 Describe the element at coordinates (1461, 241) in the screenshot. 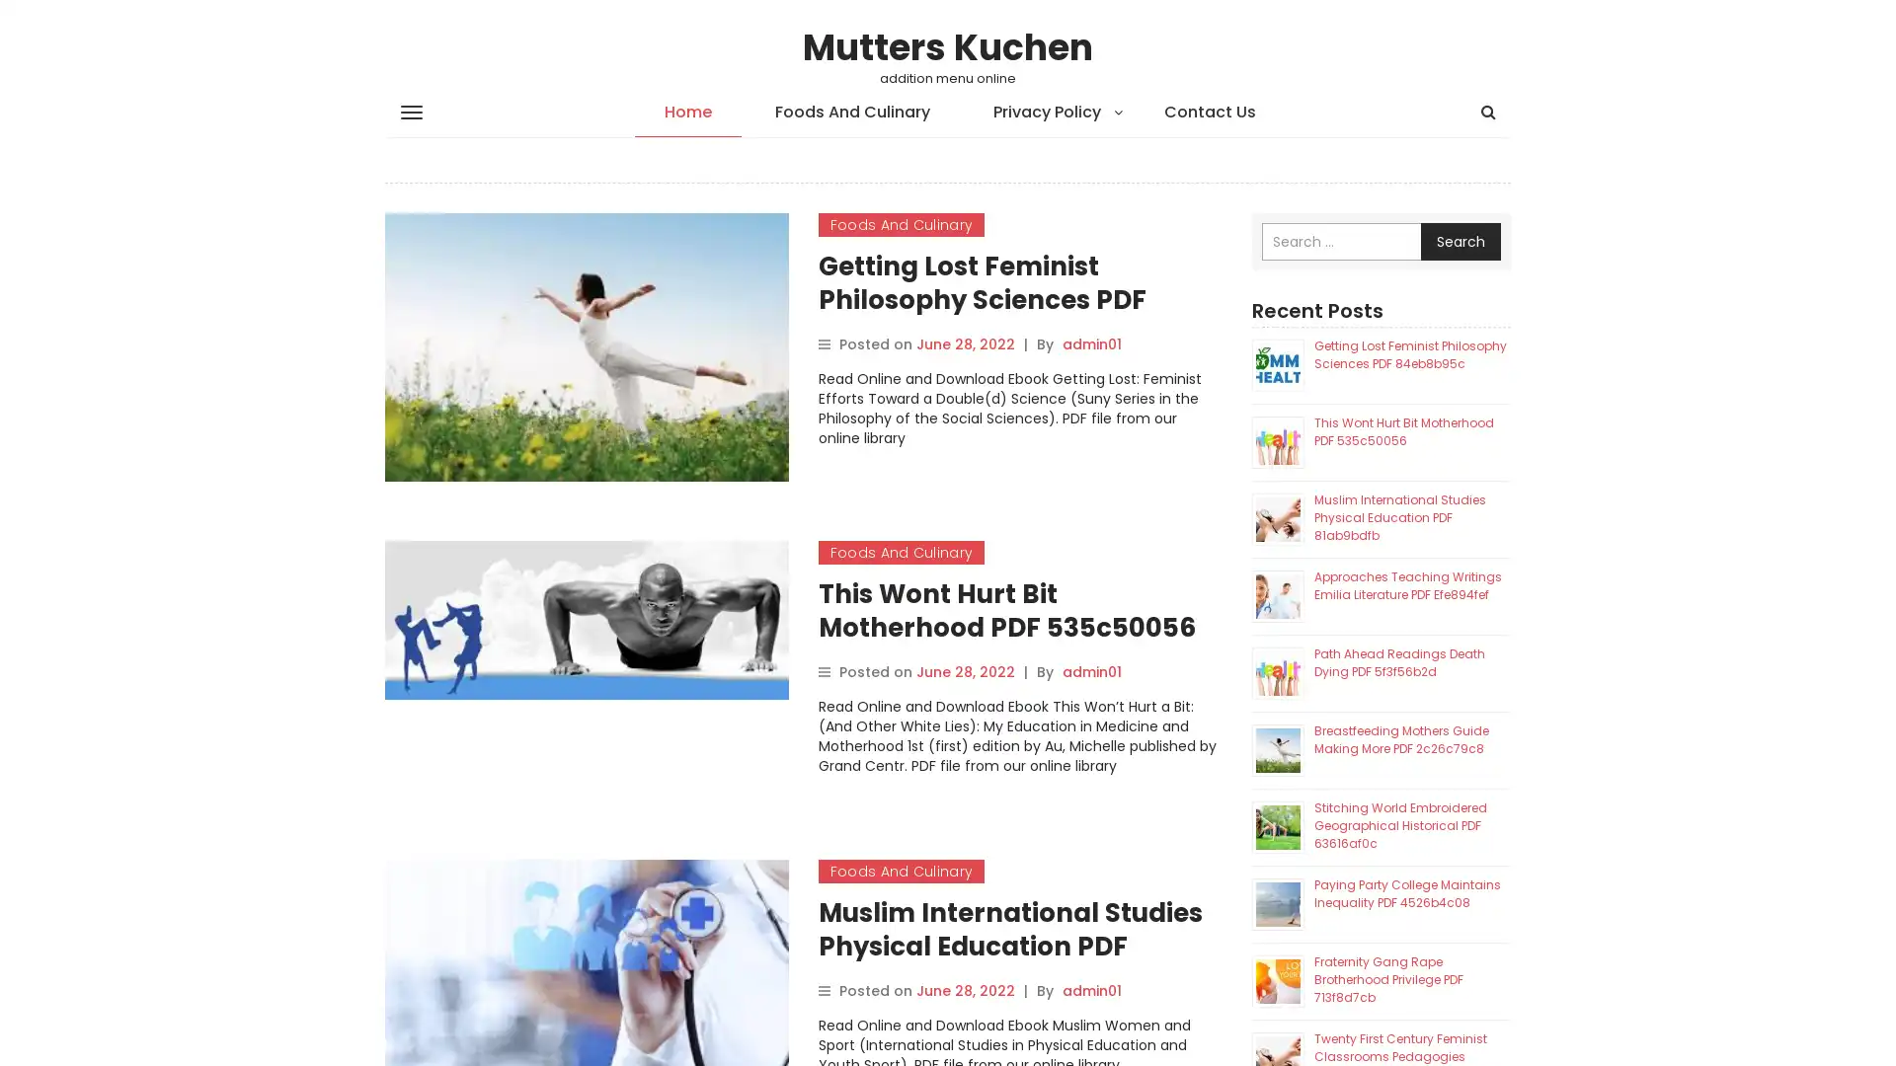

I see `Search` at that location.